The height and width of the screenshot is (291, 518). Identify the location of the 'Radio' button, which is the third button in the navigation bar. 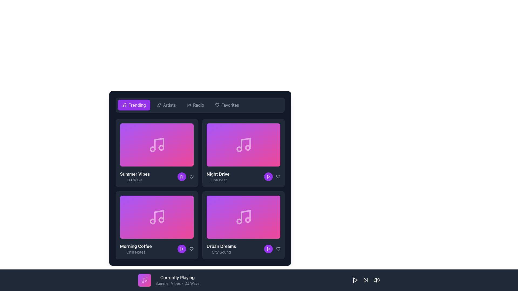
(195, 105).